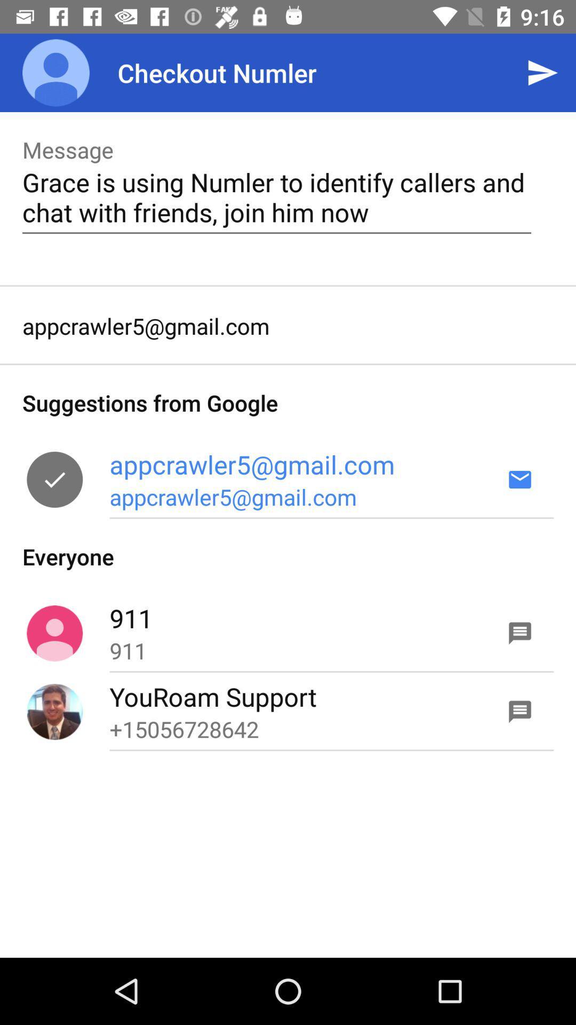 The image size is (576, 1025). Describe the element at coordinates (542, 72) in the screenshot. I see `icon above grace is using icon` at that location.